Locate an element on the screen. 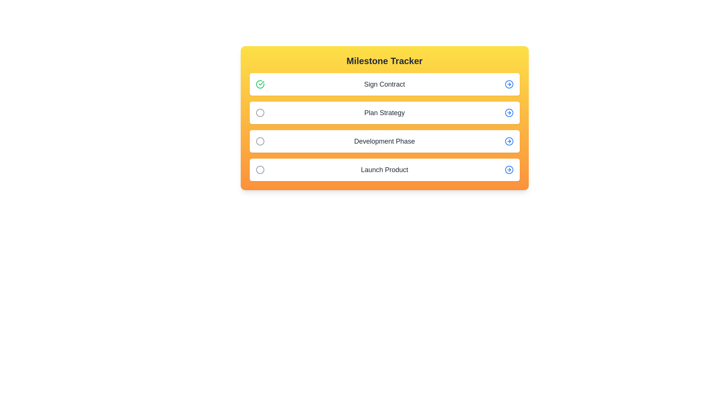  the SVG circle that represents the milestone status indicator in the 'Development Phase' row of the milestone tracker is located at coordinates (509, 141).